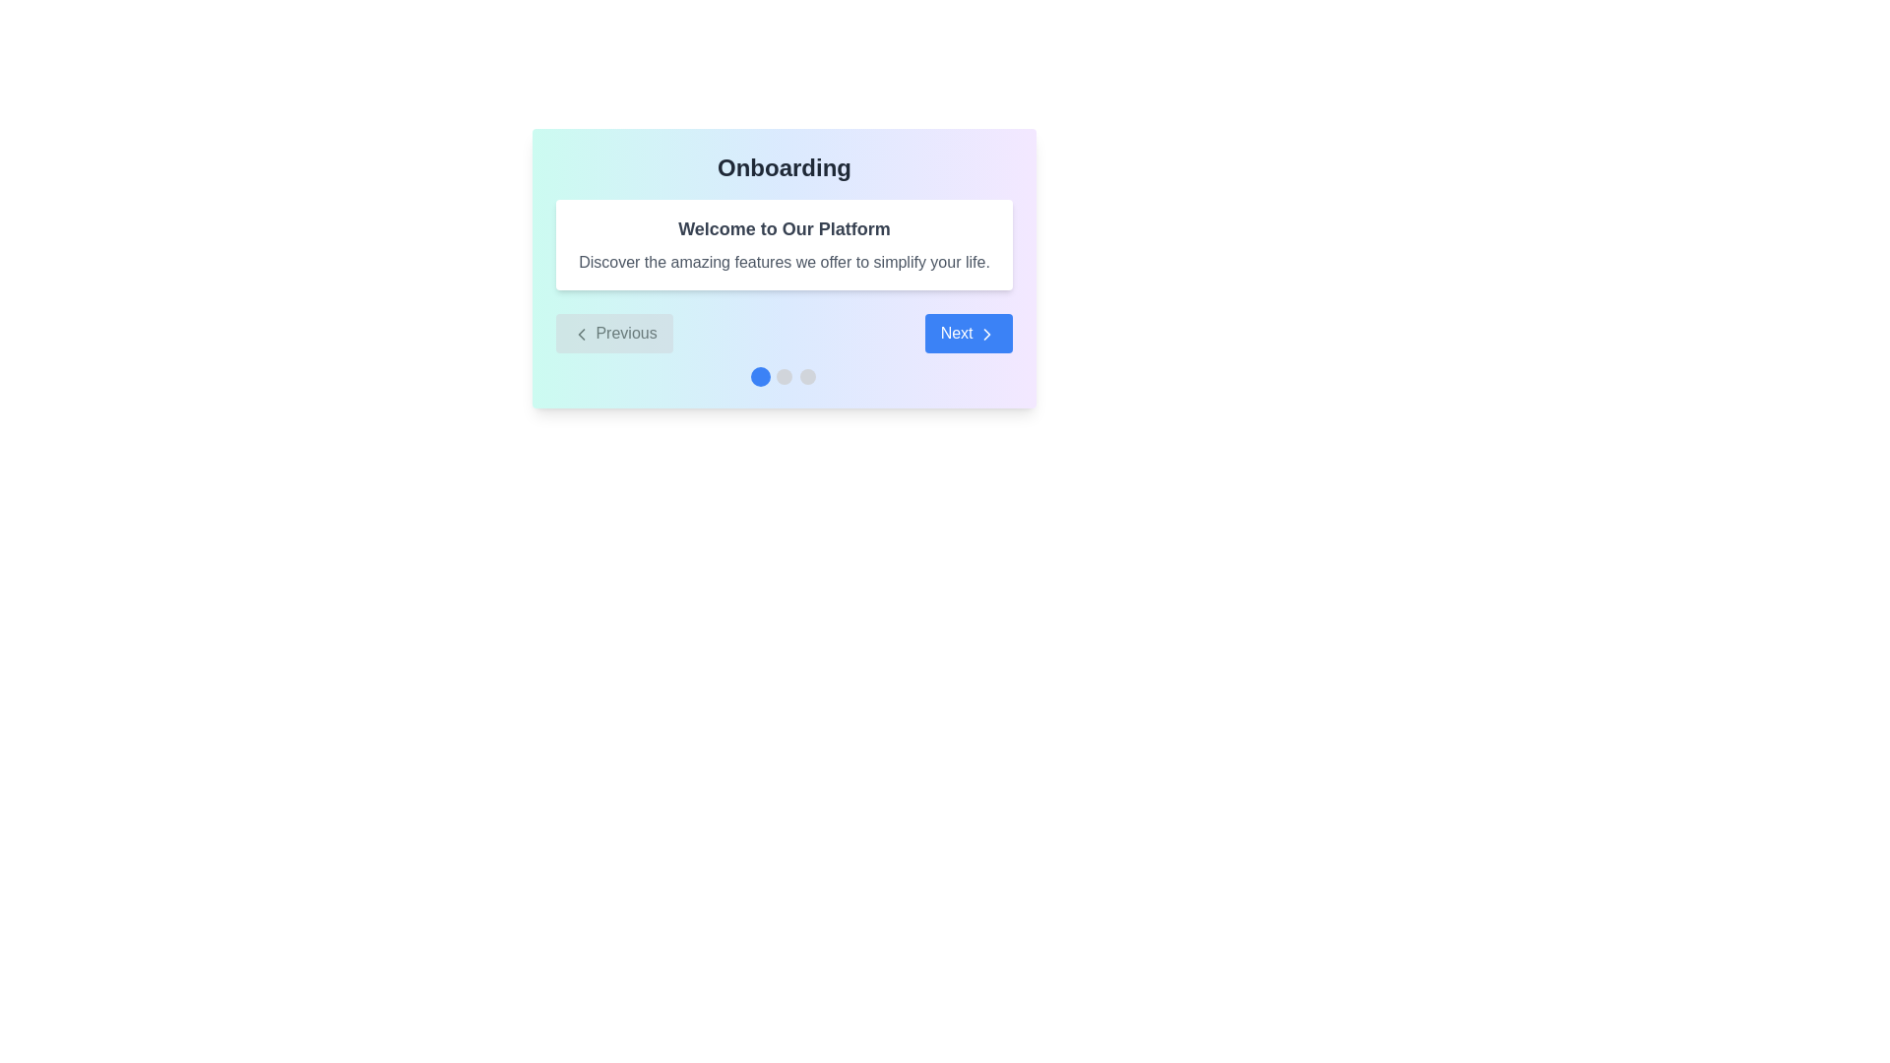 The image size is (1890, 1063). Describe the element at coordinates (969, 333) in the screenshot. I see `the 'Next' button located at the right end of the 'Previous' and 'Next' button pair in the onboarding interface to proceed to the next step` at that location.